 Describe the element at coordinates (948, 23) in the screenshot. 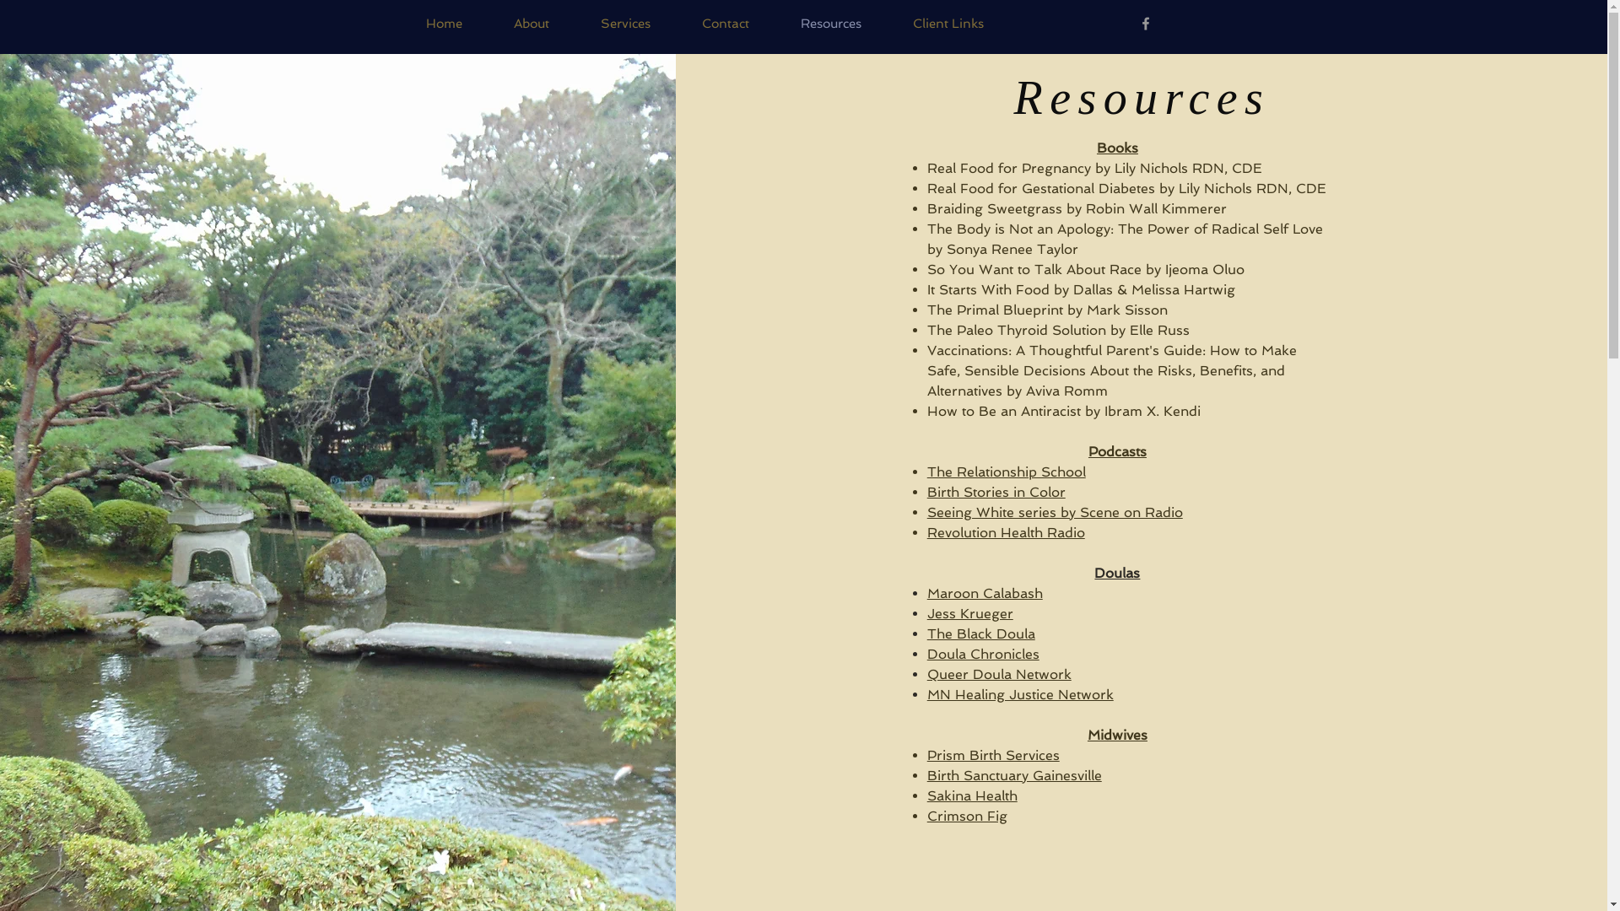

I see `'Client Links'` at that location.